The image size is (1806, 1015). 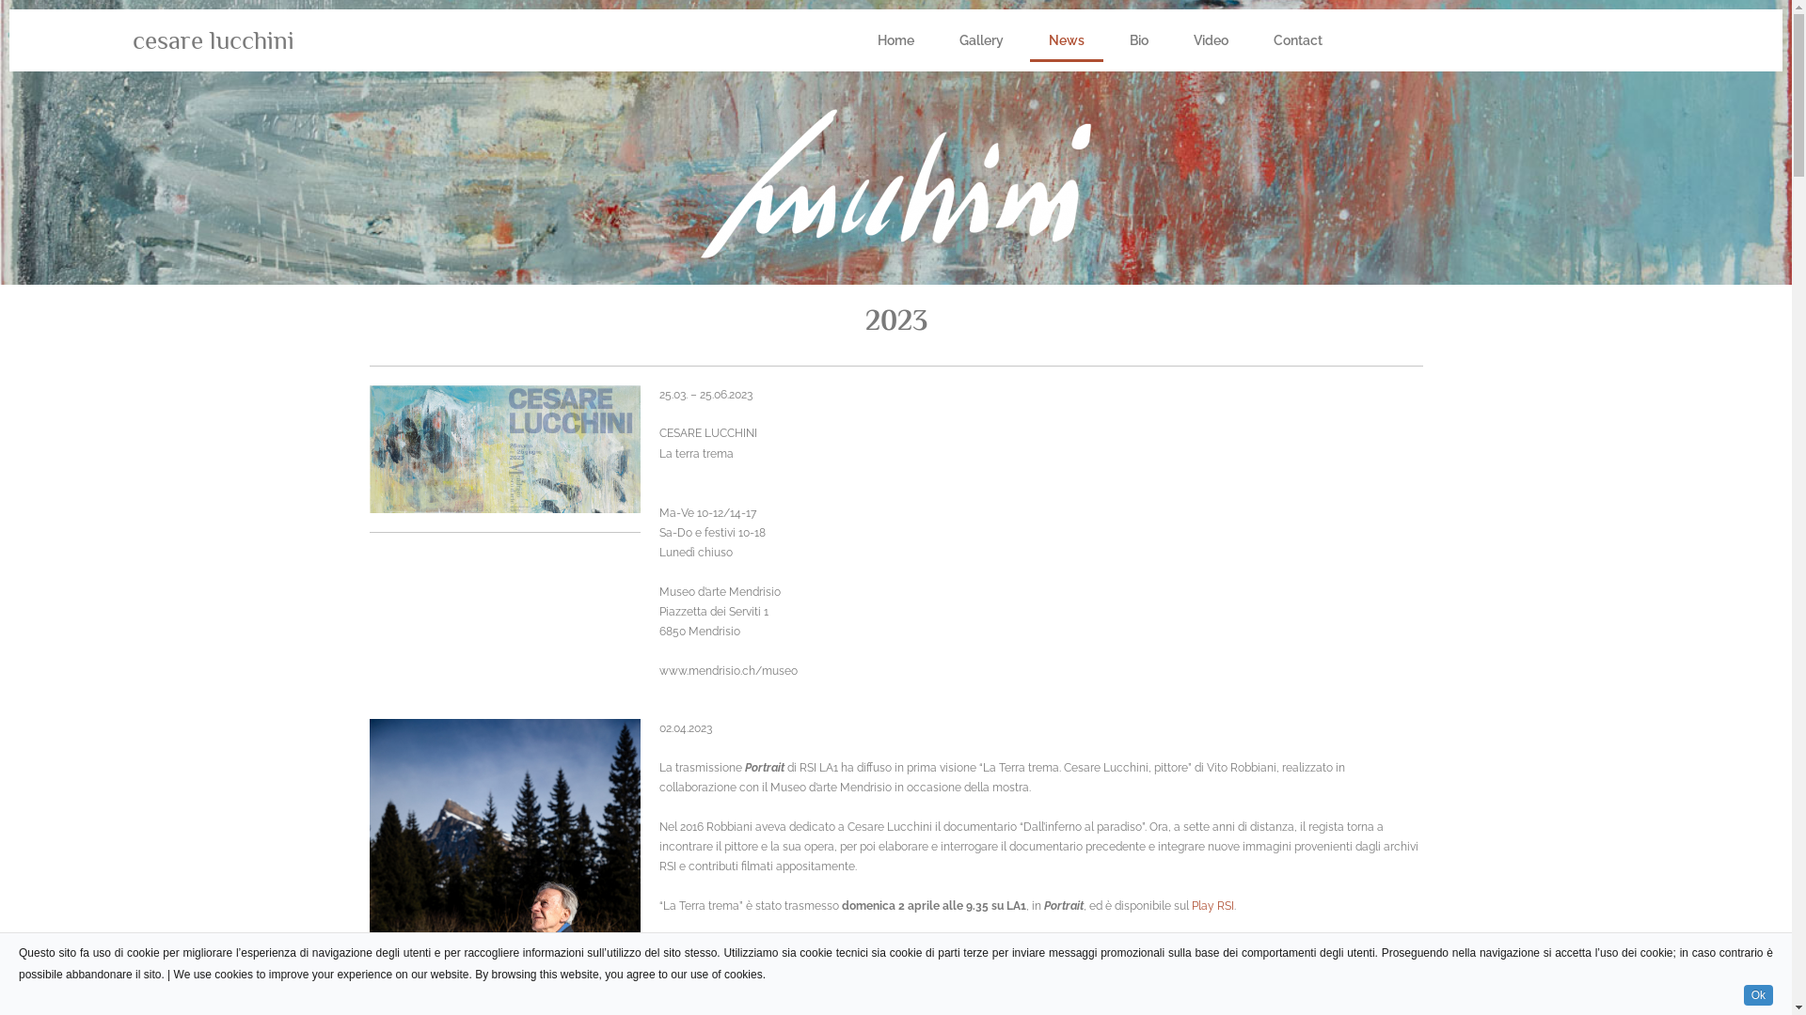 What do you see at coordinates (980, 39) in the screenshot?
I see `'Gallery'` at bounding box center [980, 39].